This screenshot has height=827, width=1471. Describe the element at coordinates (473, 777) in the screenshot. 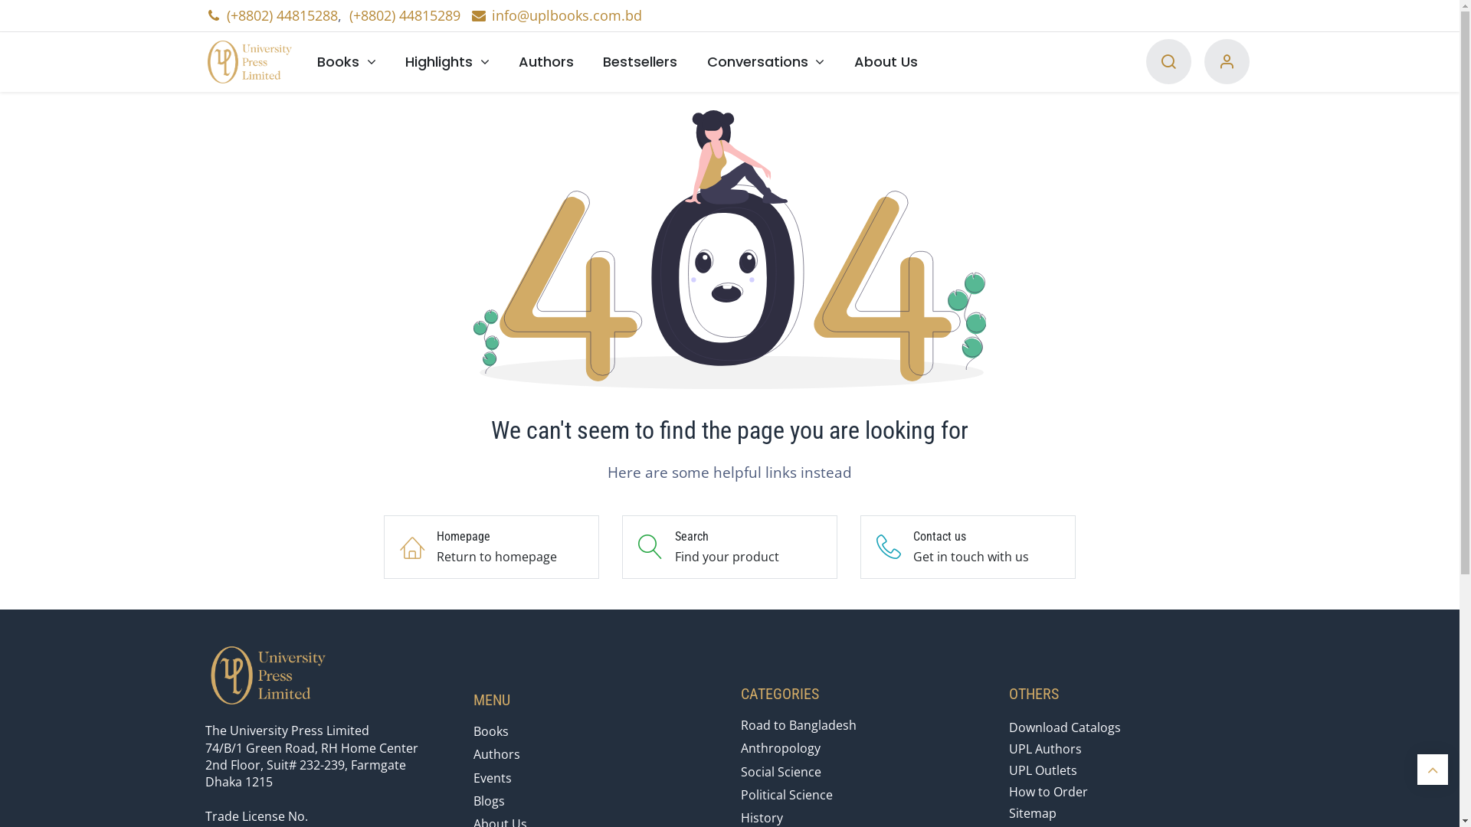

I see `'Events'` at that location.